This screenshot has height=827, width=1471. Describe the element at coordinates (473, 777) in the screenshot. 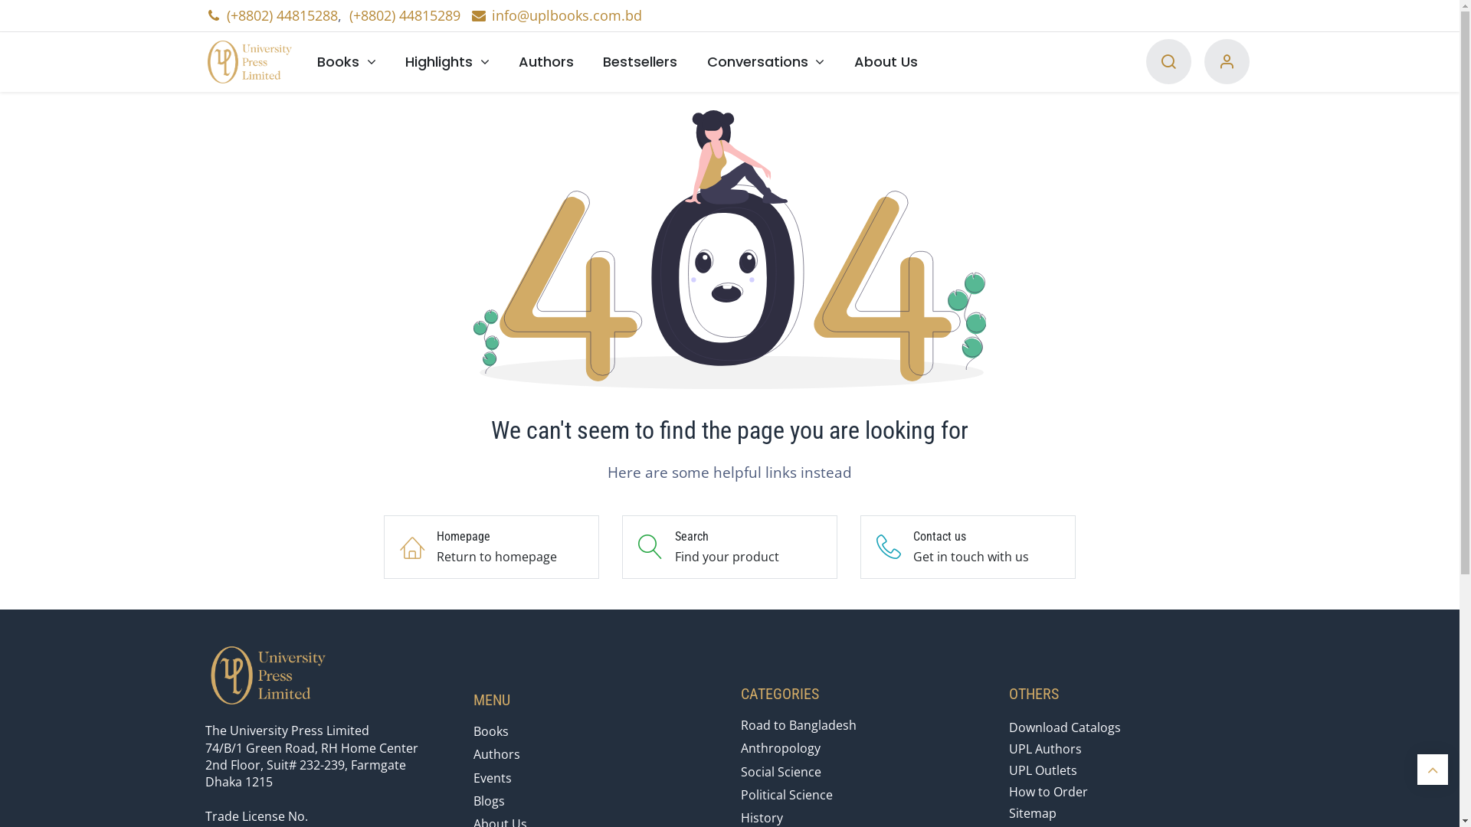

I see `'Events'` at that location.